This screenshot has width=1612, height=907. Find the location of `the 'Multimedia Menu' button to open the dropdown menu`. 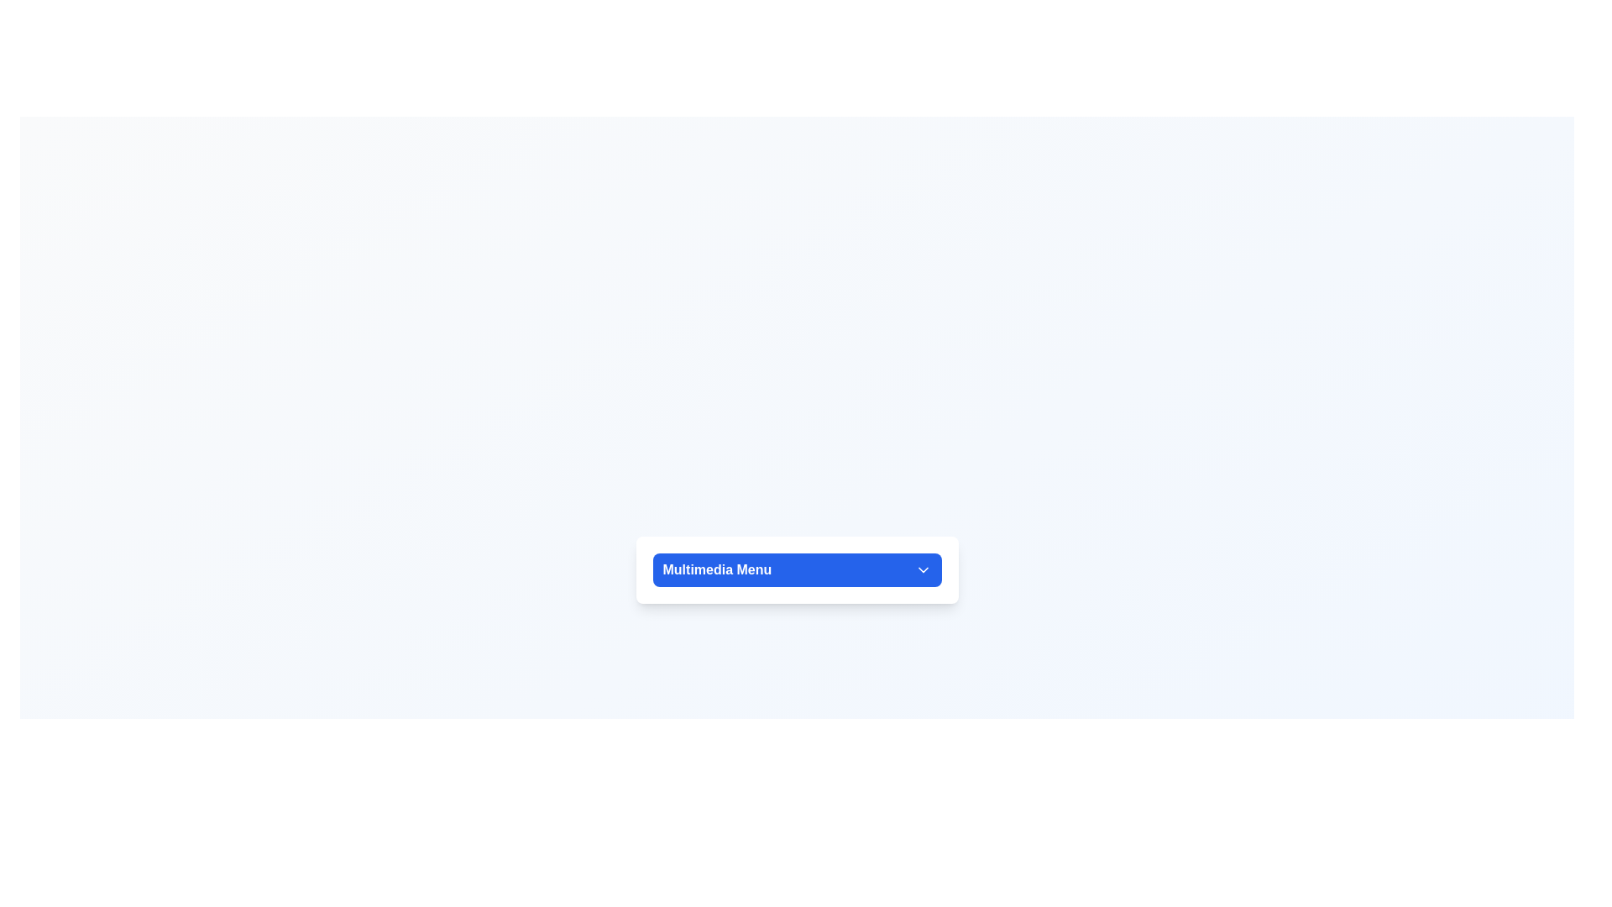

the 'Multimedia Menu' button to open the dropdown menu is located at coordinates (796, 569).